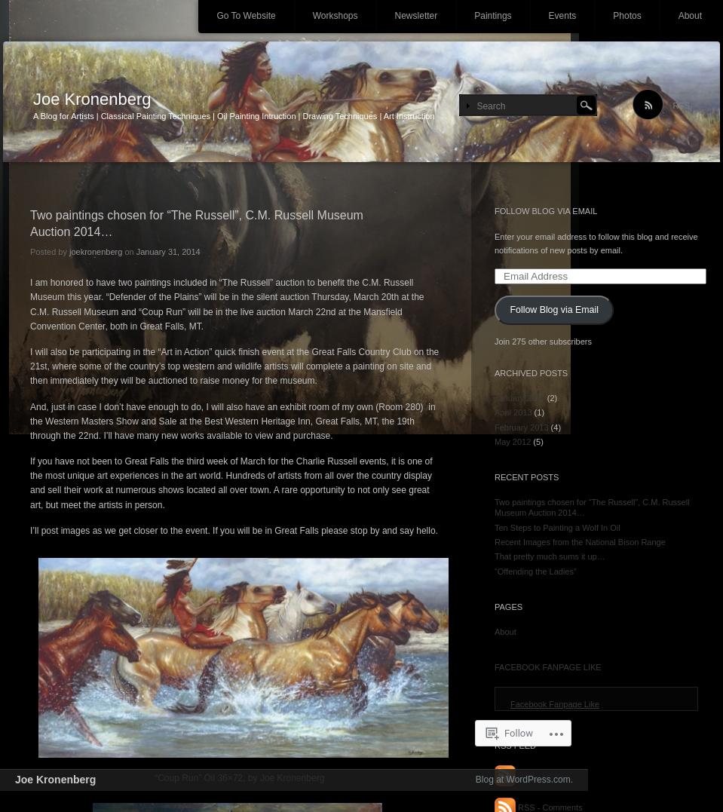  I want to click on '“Offending the Ladies”', so click(494, 570).